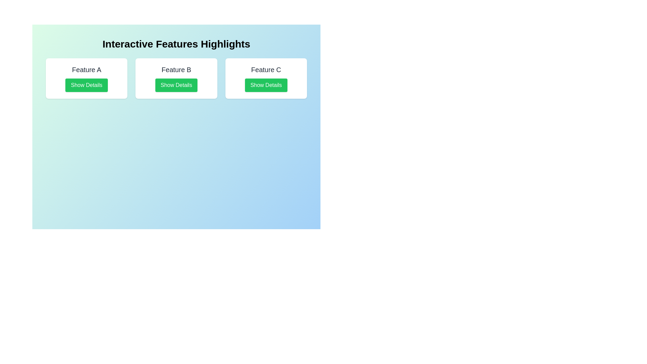 The image size is (647, 364). Describe the element at coordinates (176, 78) in the screenshot. I see `the button in the informational block about 'Feature B' to load more information` at that location.